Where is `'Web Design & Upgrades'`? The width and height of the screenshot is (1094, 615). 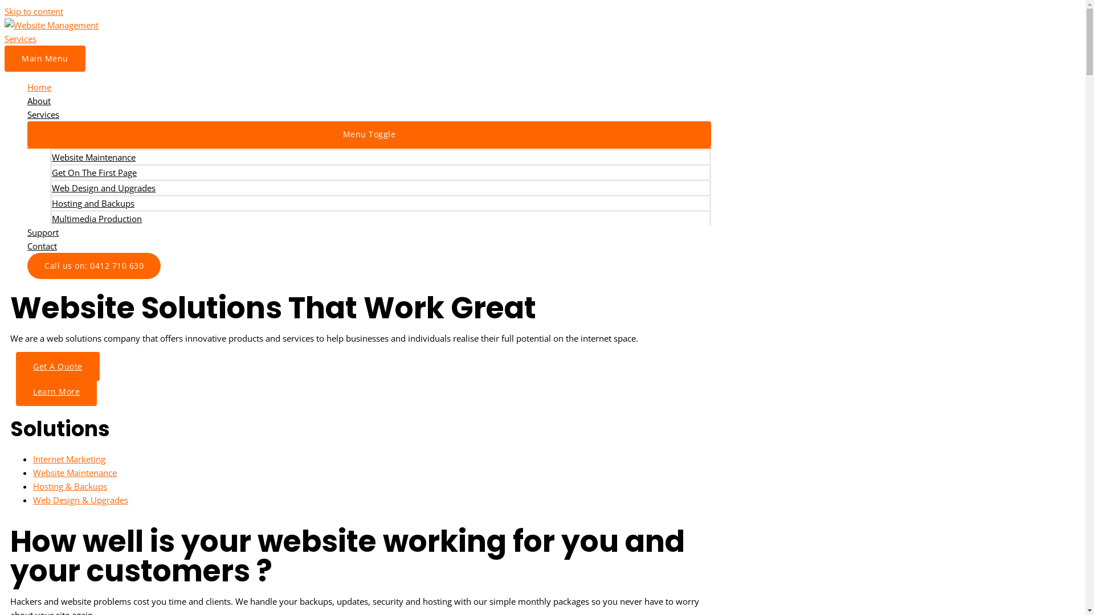
'Web Design & Upgrades' is located at coordinates (80, 499).